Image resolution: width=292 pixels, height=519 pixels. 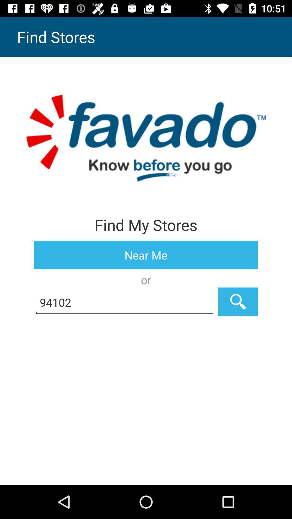 I want to click on item to the right of the 94102 icon, so click(x=238, y=301).